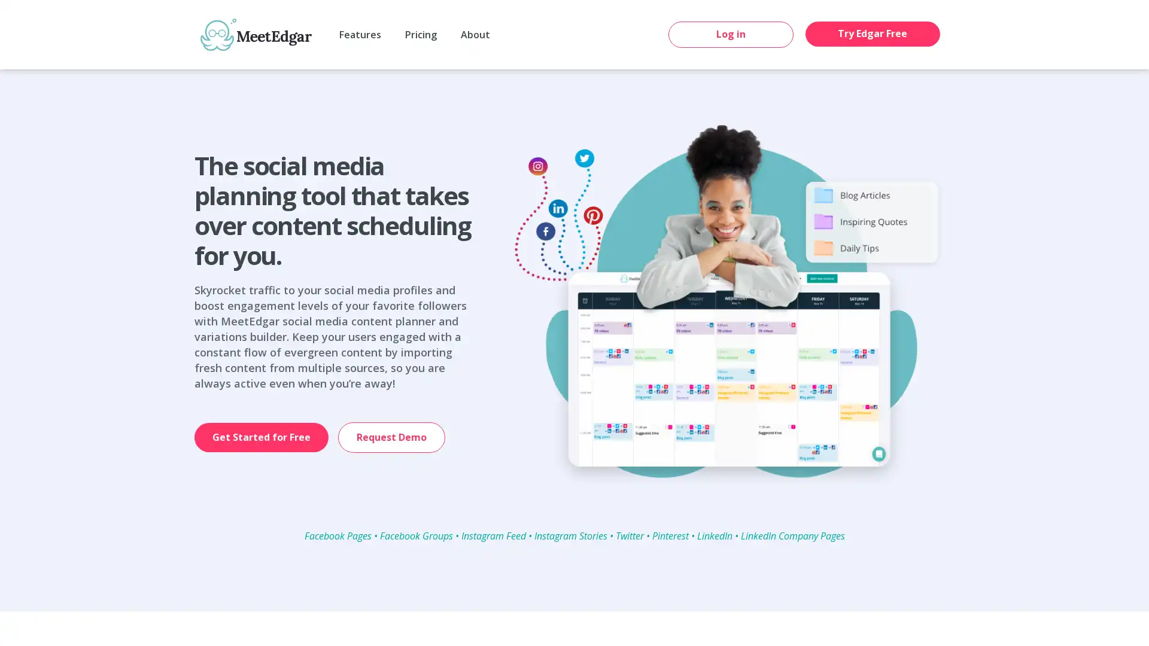 Image resolution: width=1149 pixels, height=646 pixels. I want to click on Try Edgar Free, so click(873, 33).